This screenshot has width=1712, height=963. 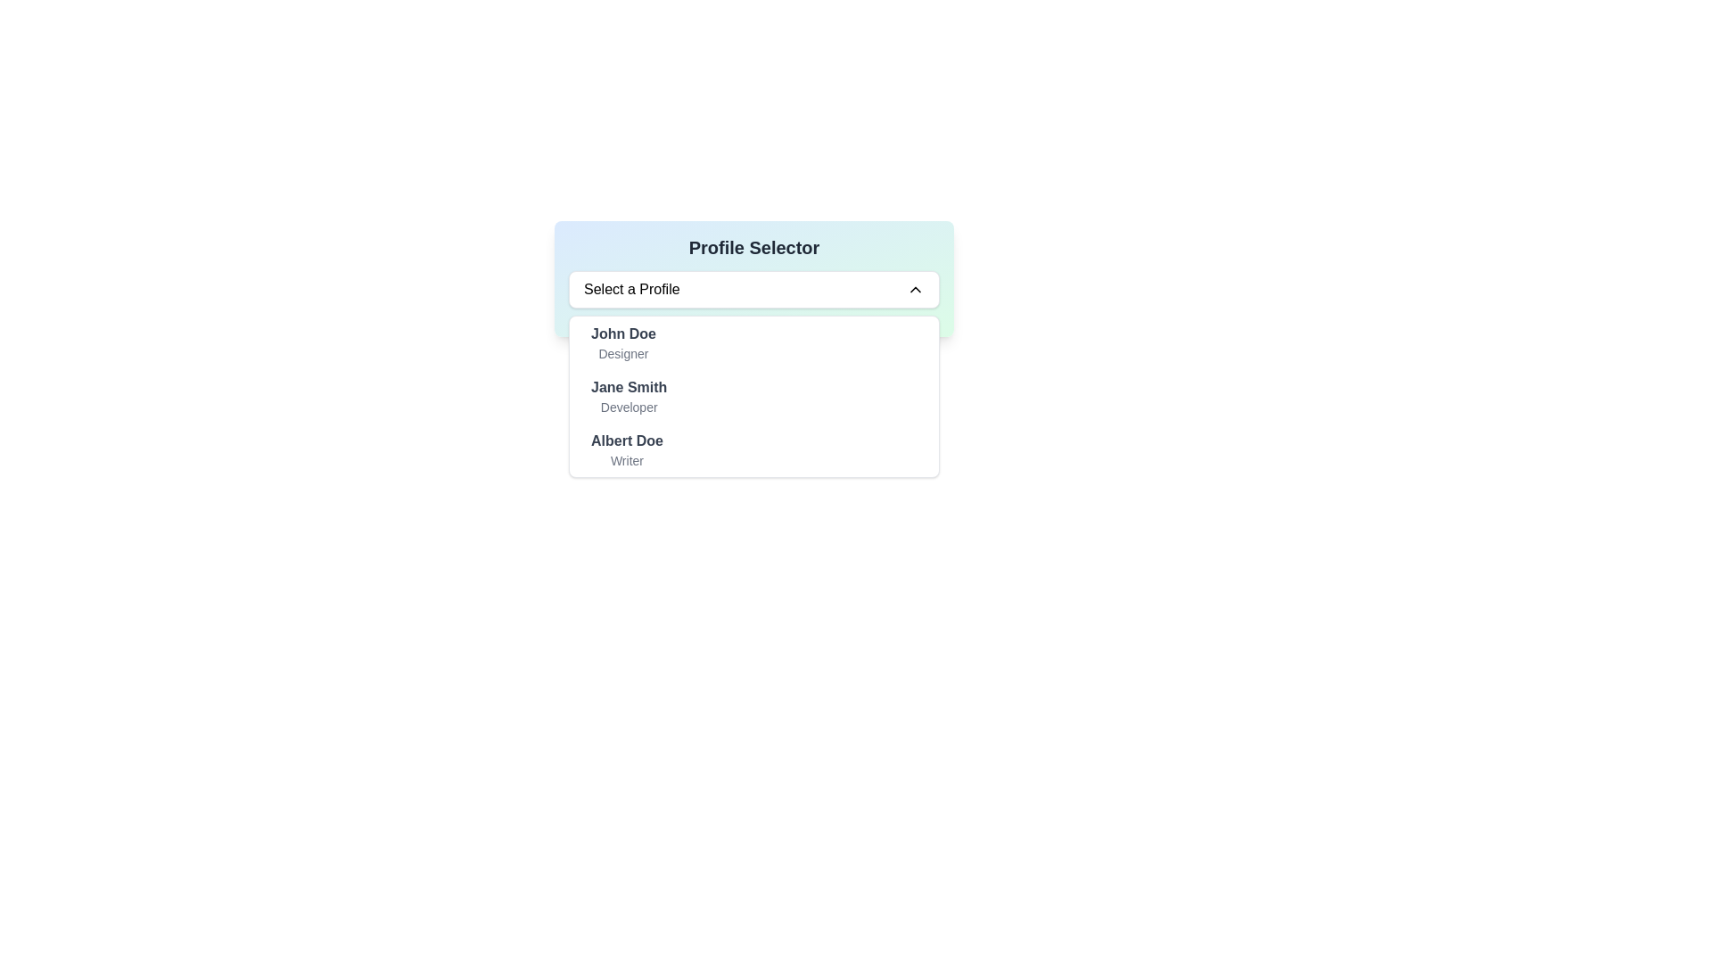 What do you see at coordinates (626, 449) in the screenshot?
I see `the selectable list item displaying the name 'Albert Doe'` at bounding box center [626, 449].